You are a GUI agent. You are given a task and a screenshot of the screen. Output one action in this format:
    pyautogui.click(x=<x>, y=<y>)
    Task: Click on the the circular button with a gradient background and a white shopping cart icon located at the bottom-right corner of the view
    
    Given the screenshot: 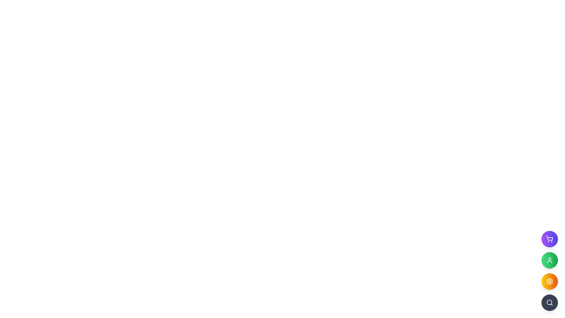 What is the action you would take?
    pyautogui.click(x=549, y=239)
    